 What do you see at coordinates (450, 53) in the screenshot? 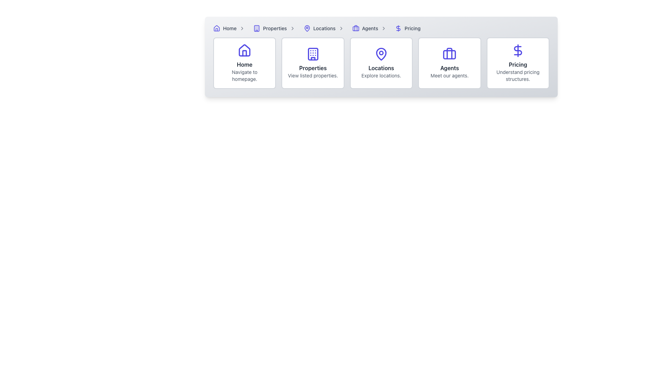
I see `the vertical line or handle within the briefcase icon located in the middle of the 'Agents' clickable card` at bounding box center [450, 53].